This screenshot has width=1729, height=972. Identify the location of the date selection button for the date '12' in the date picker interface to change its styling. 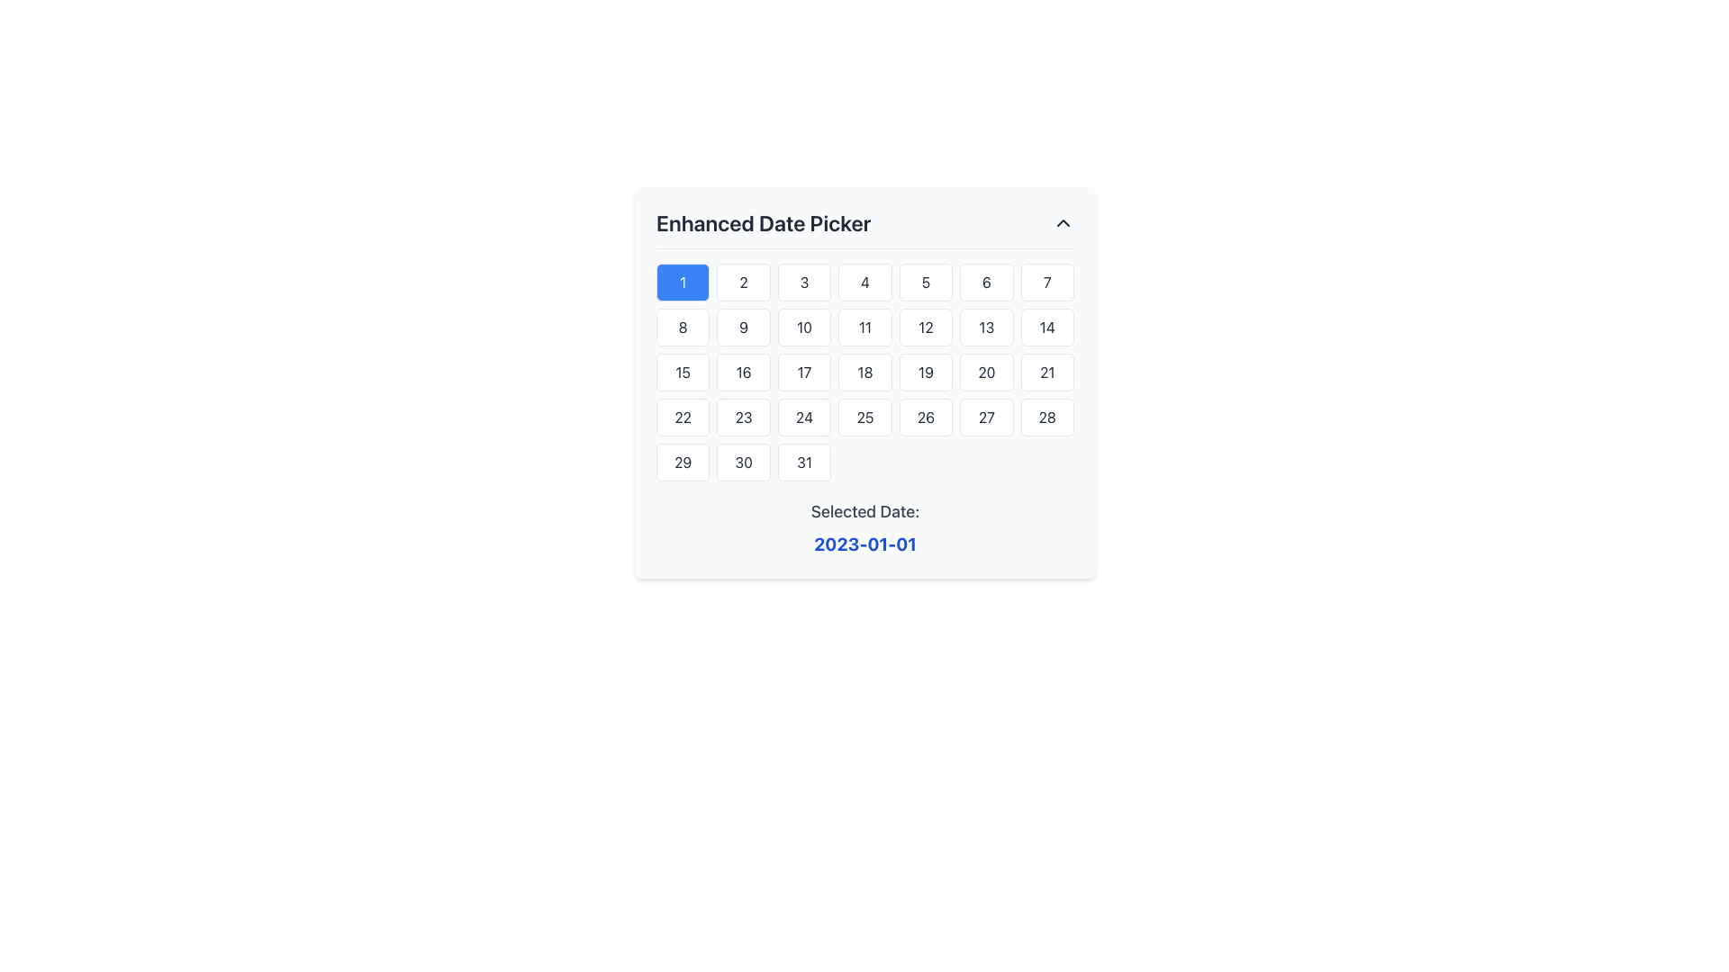
(926, 327).